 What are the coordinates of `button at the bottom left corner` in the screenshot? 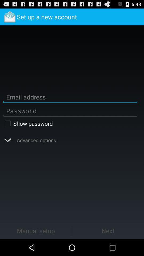 It's located at (36, 230).